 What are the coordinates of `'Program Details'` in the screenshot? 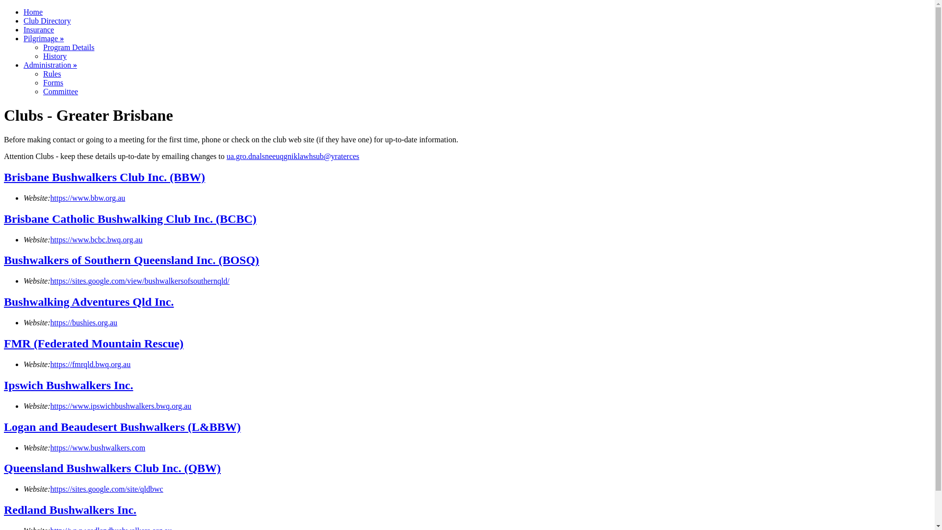 It's located at (68, 47).